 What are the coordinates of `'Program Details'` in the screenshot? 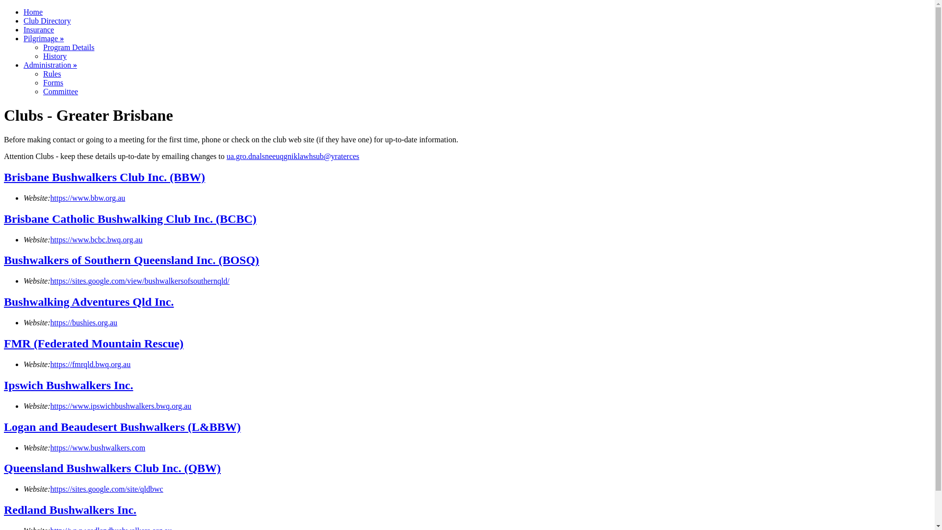 It's located at (68, 47).